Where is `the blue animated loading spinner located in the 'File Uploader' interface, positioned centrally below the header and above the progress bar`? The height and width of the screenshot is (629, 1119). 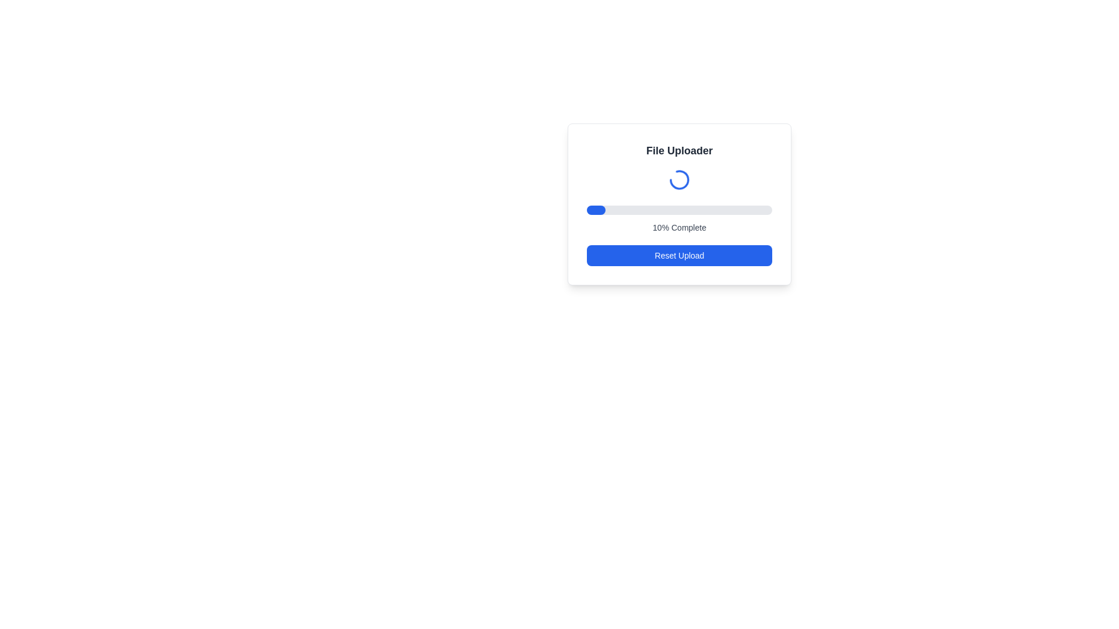
the blue animated loading spinner located in the 'File Uploader' interface, positioned centrally below the header and above the progress bar is located at coordinates (680, 179).